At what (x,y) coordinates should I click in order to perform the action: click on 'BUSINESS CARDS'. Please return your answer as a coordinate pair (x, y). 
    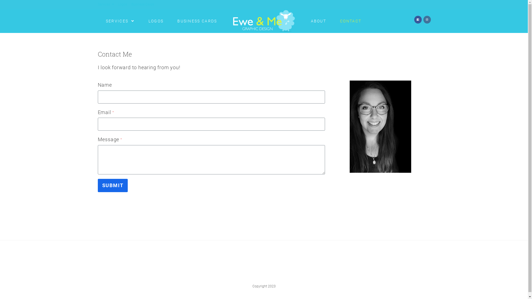
    Looking at the image, I should click on (170, 21).